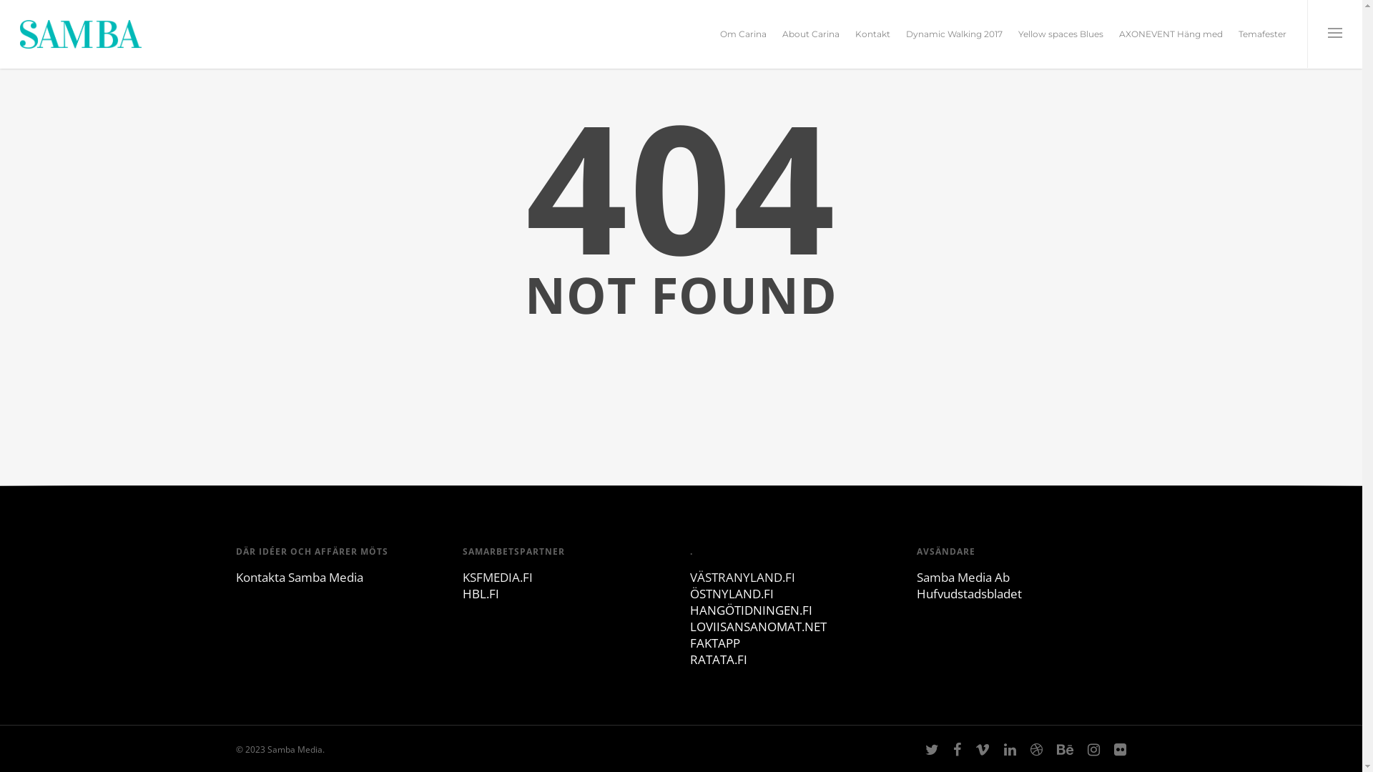  What do you see at coordinates (969, 593) in the screenshot?
I see `'Hufvudstadsbladet'` at bounding box center [969, 593].